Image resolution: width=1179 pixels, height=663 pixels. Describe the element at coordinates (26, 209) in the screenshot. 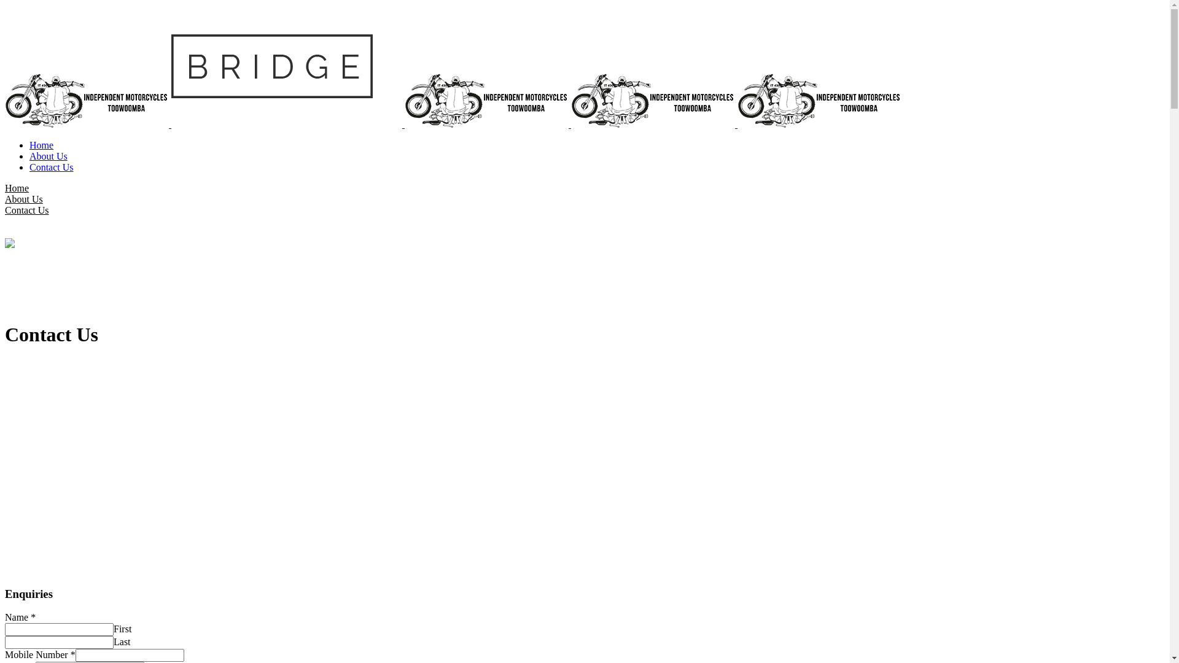

I see `'Contact Us'` at that location.